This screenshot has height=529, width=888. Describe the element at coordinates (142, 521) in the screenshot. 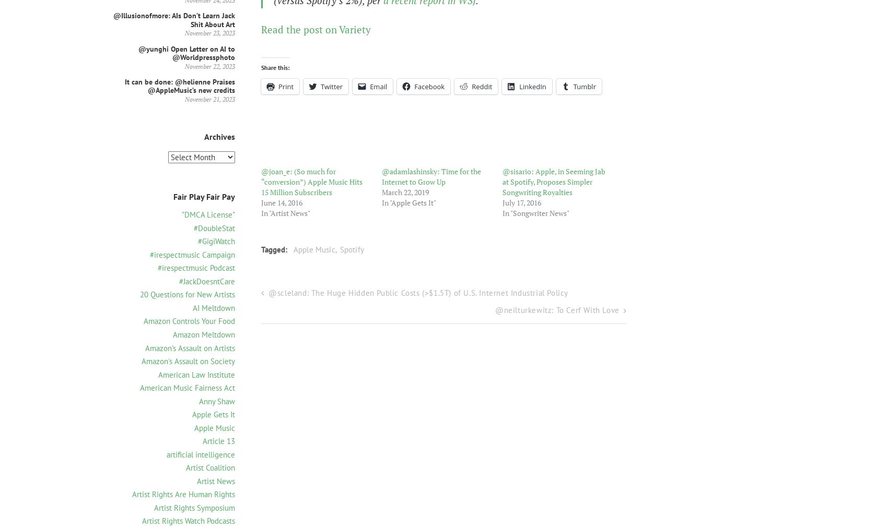

I see `'Artist Rights Watch Podcasts'` at that location.